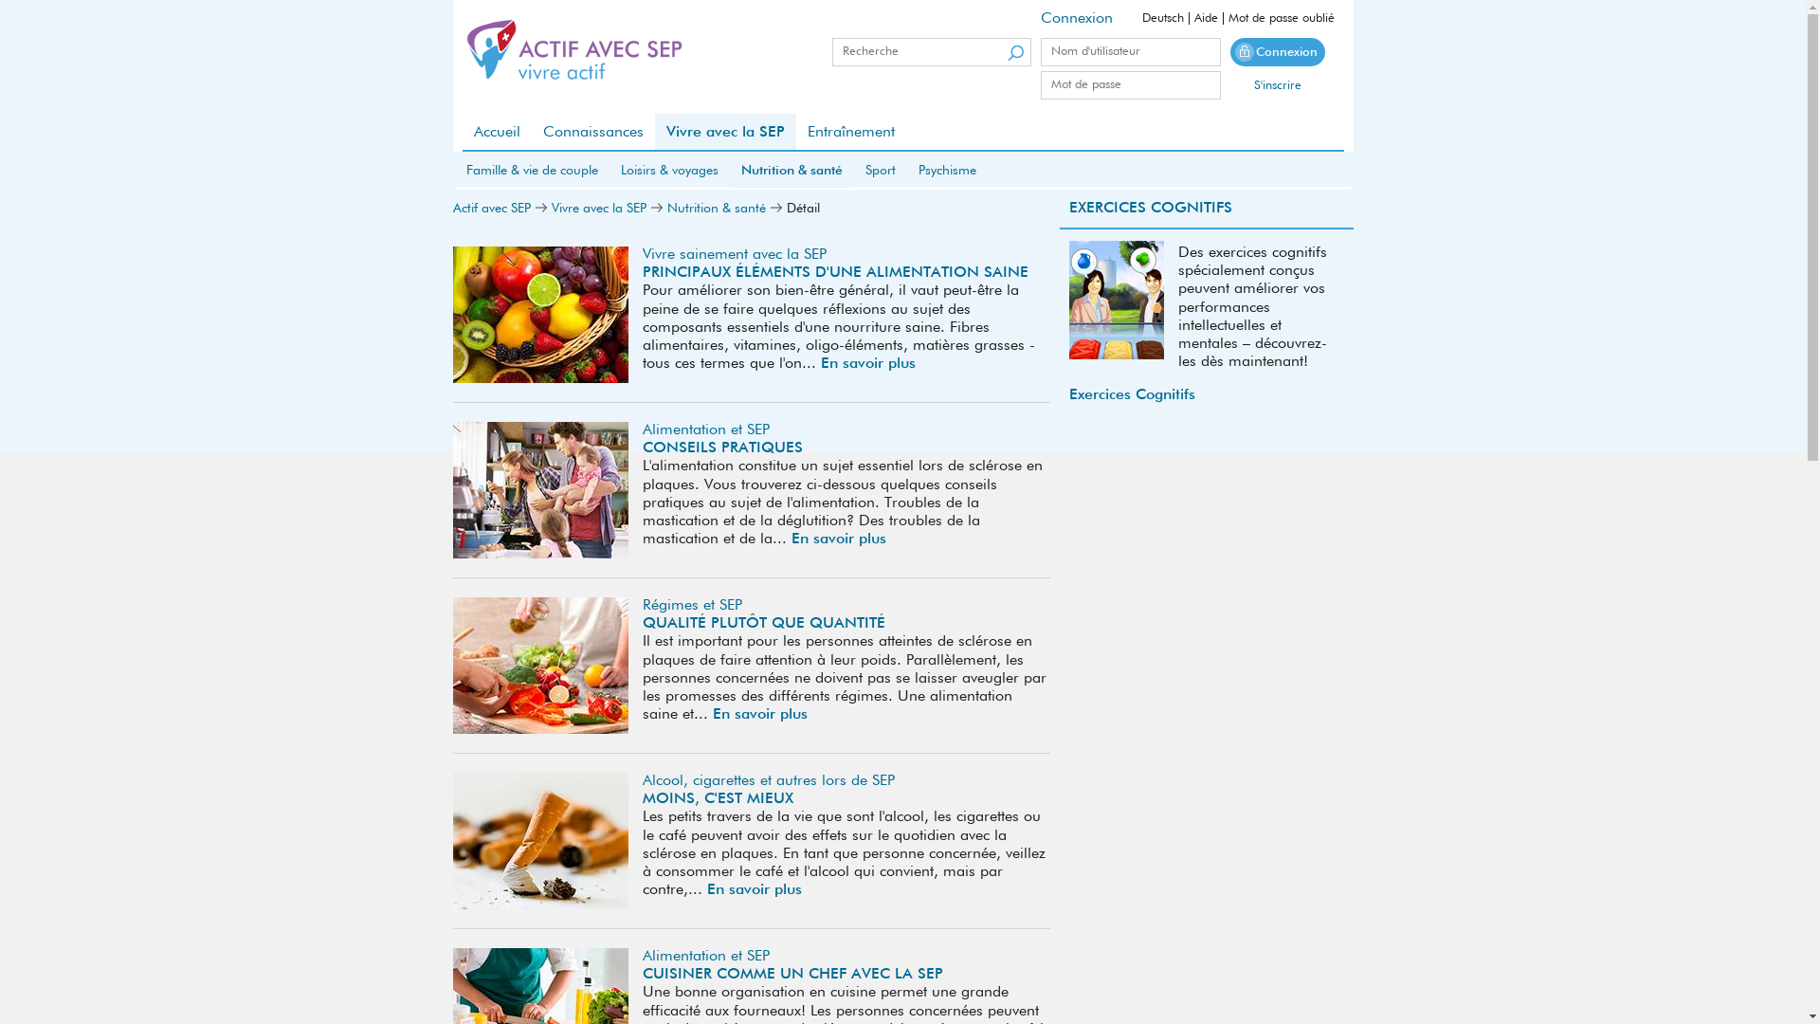 The image size is (1820, 1024). What do you see at coordinates (946, 171) in the screenshot?
I see `'Psychisme'` at bounding box center [946, 171].